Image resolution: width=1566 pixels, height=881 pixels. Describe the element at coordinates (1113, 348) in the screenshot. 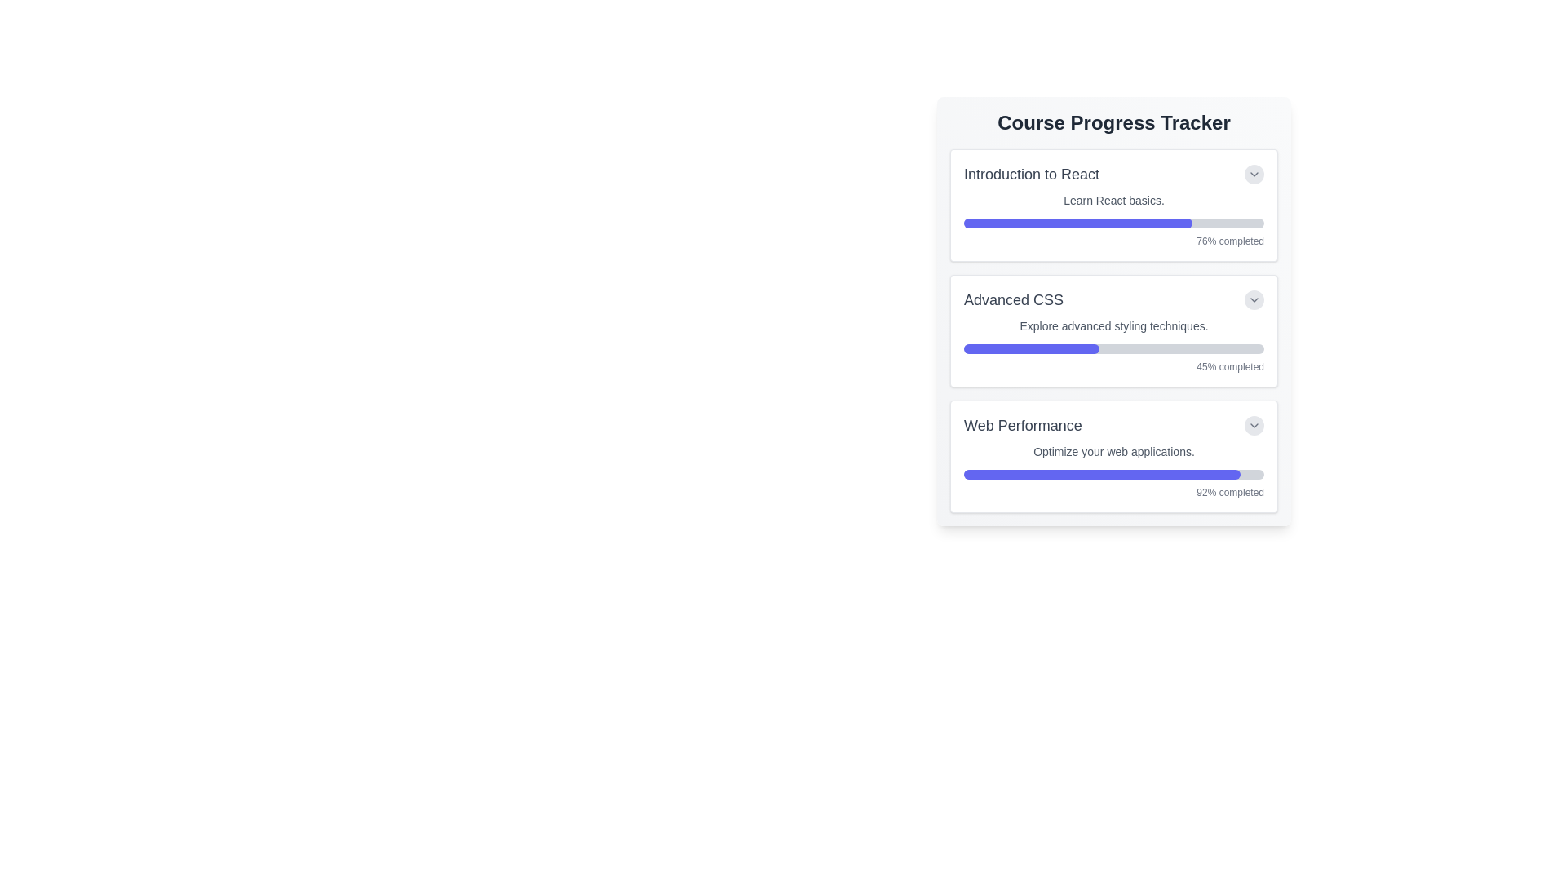

I see `the completion status of the progress bar located within the 'Advanced CSS' course card of the 'Course Progress Tracker', which is indicated by the filled indigo portion of the bar` at that location.